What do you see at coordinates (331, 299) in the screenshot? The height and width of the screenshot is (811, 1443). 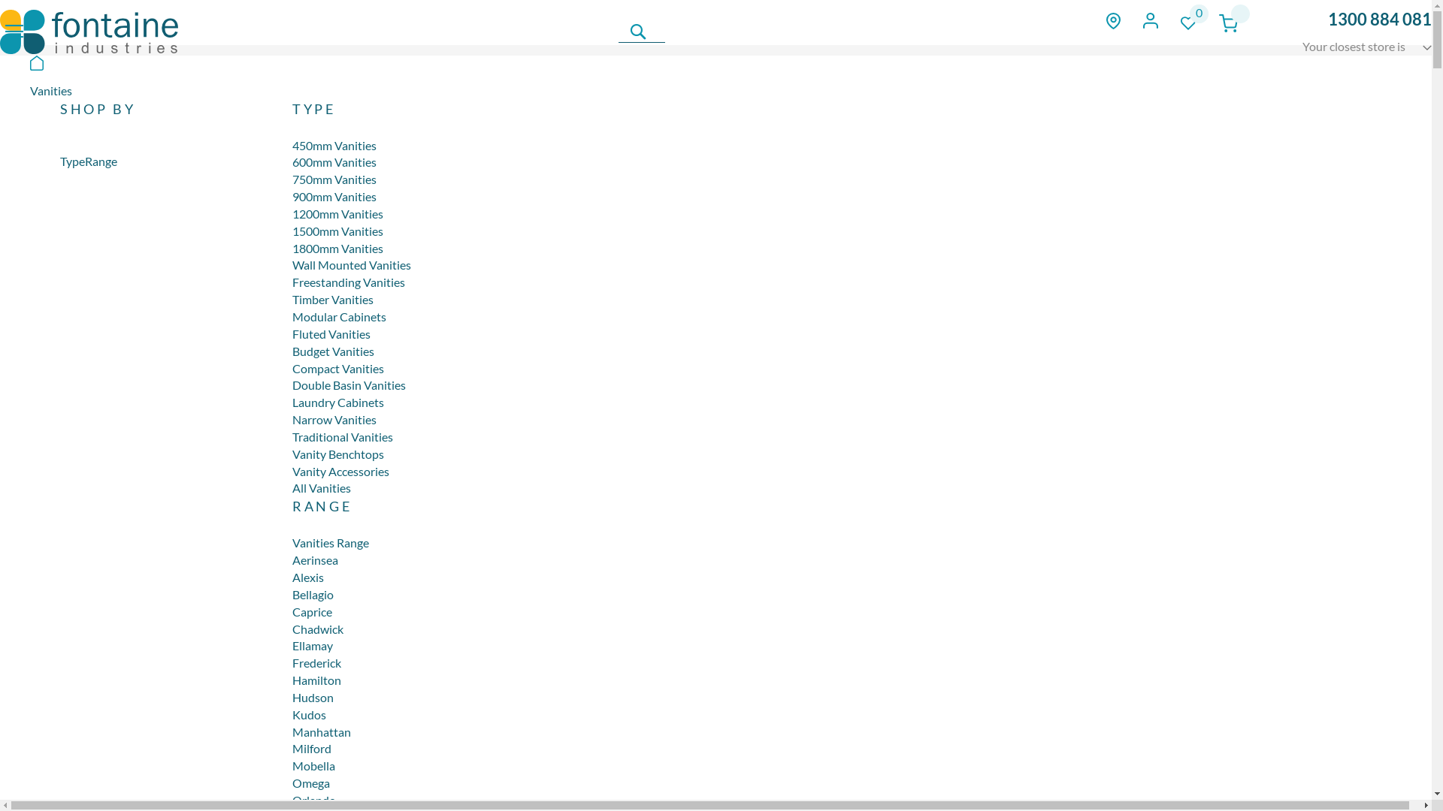 I see `'Timber Vanities'` at bounding box center [331, 299].